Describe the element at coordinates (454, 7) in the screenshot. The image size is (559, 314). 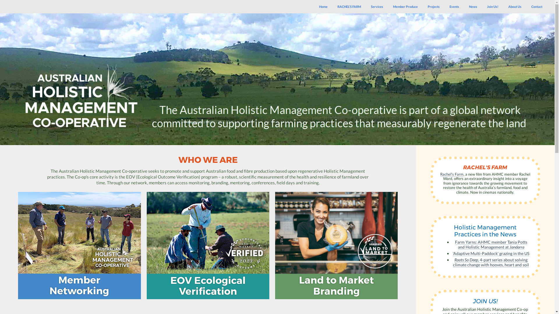
I see `'Events'` at that location.